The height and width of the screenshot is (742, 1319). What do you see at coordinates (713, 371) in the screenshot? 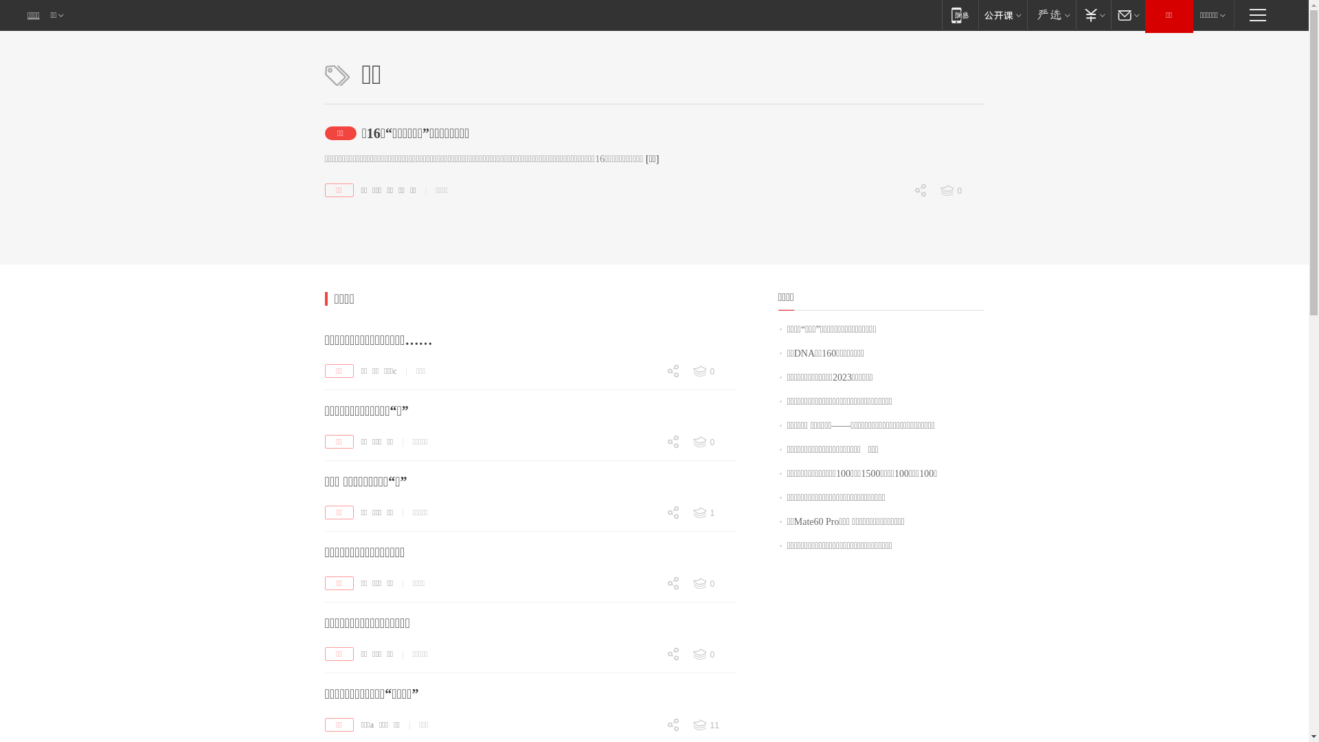
I see `'0'` at bounding box center [713, 371].